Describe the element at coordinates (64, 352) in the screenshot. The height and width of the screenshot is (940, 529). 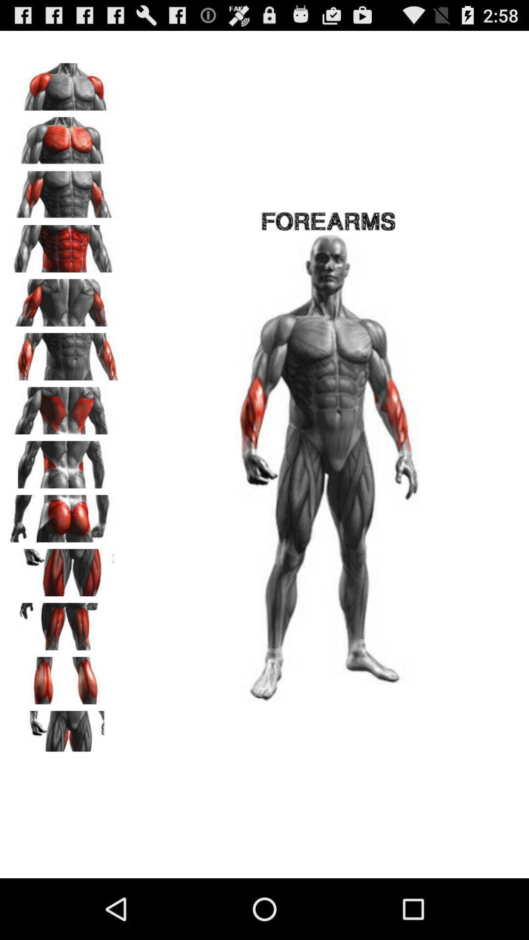
I see `image to select forearms` at that location.